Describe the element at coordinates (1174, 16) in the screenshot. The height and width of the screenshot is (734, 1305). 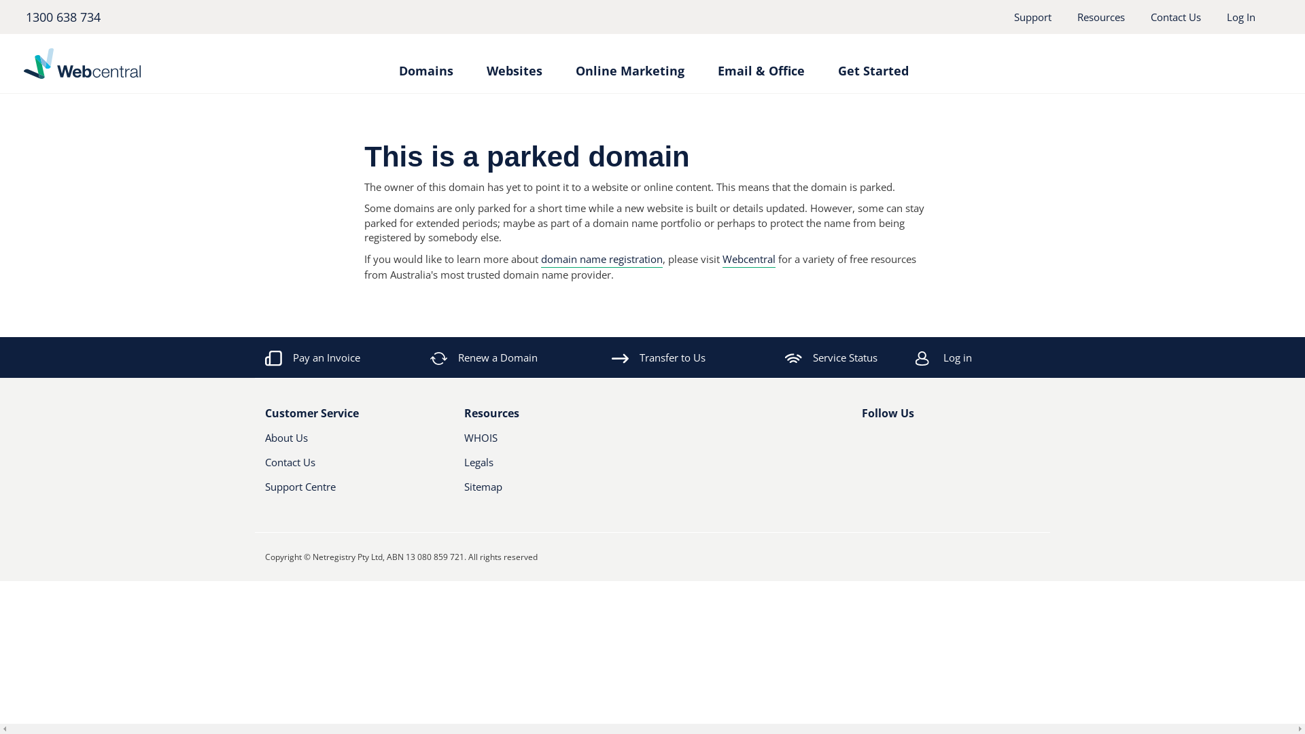
I see `'Contact Us'` at that location.